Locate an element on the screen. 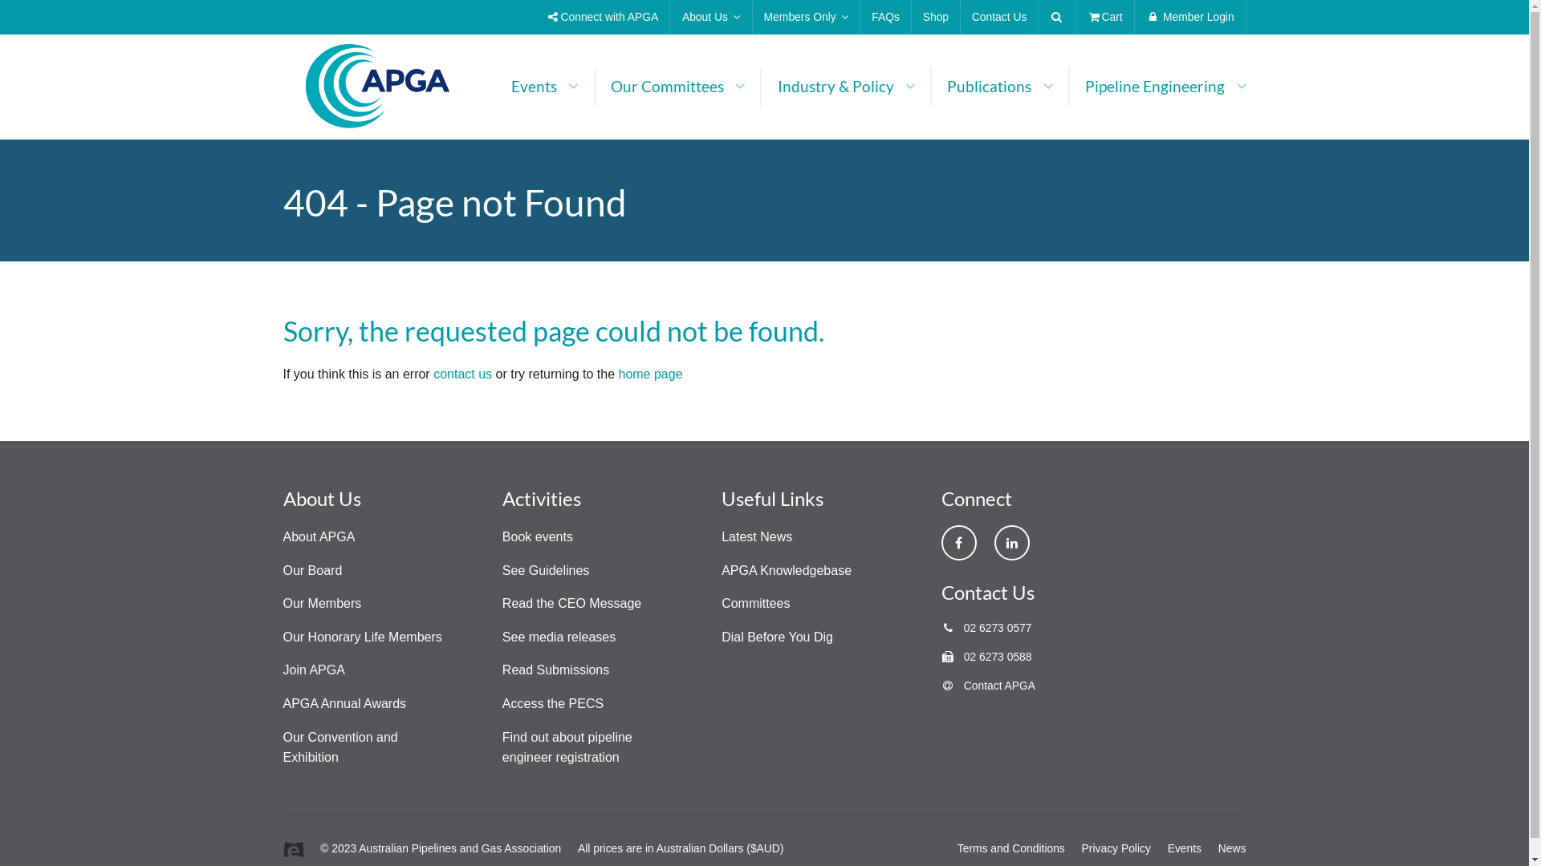 This screenshot has width=1541, height=866. 'Our Members' is located at coordinates (321, 603).